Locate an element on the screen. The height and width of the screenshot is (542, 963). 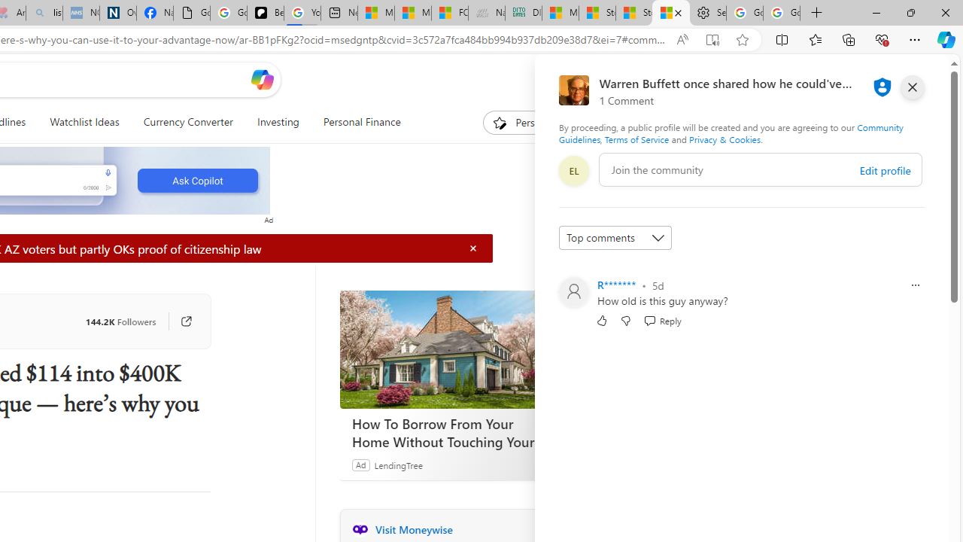
'Terms of Service' is located at coordinates (636, 139).